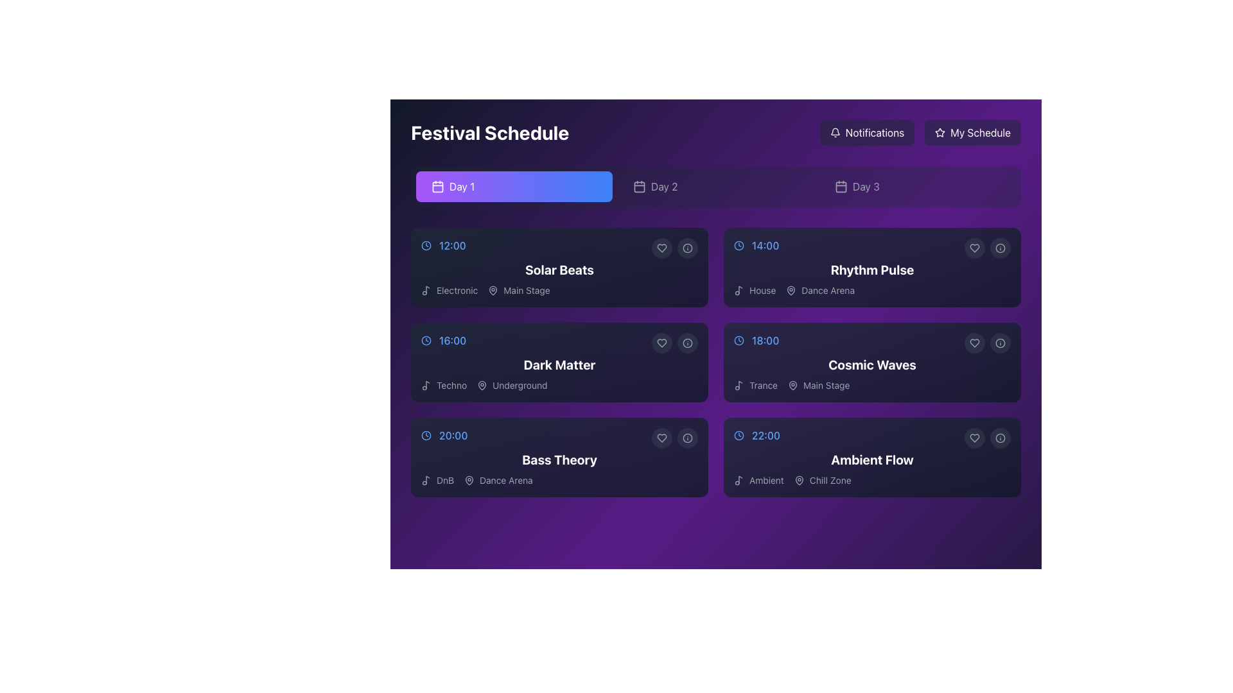  Describe the element at coordinates (974, 343) in the screenshot. I see `the heart icon button located to the right of the 'Cosmic Waves' event entry` at that location.